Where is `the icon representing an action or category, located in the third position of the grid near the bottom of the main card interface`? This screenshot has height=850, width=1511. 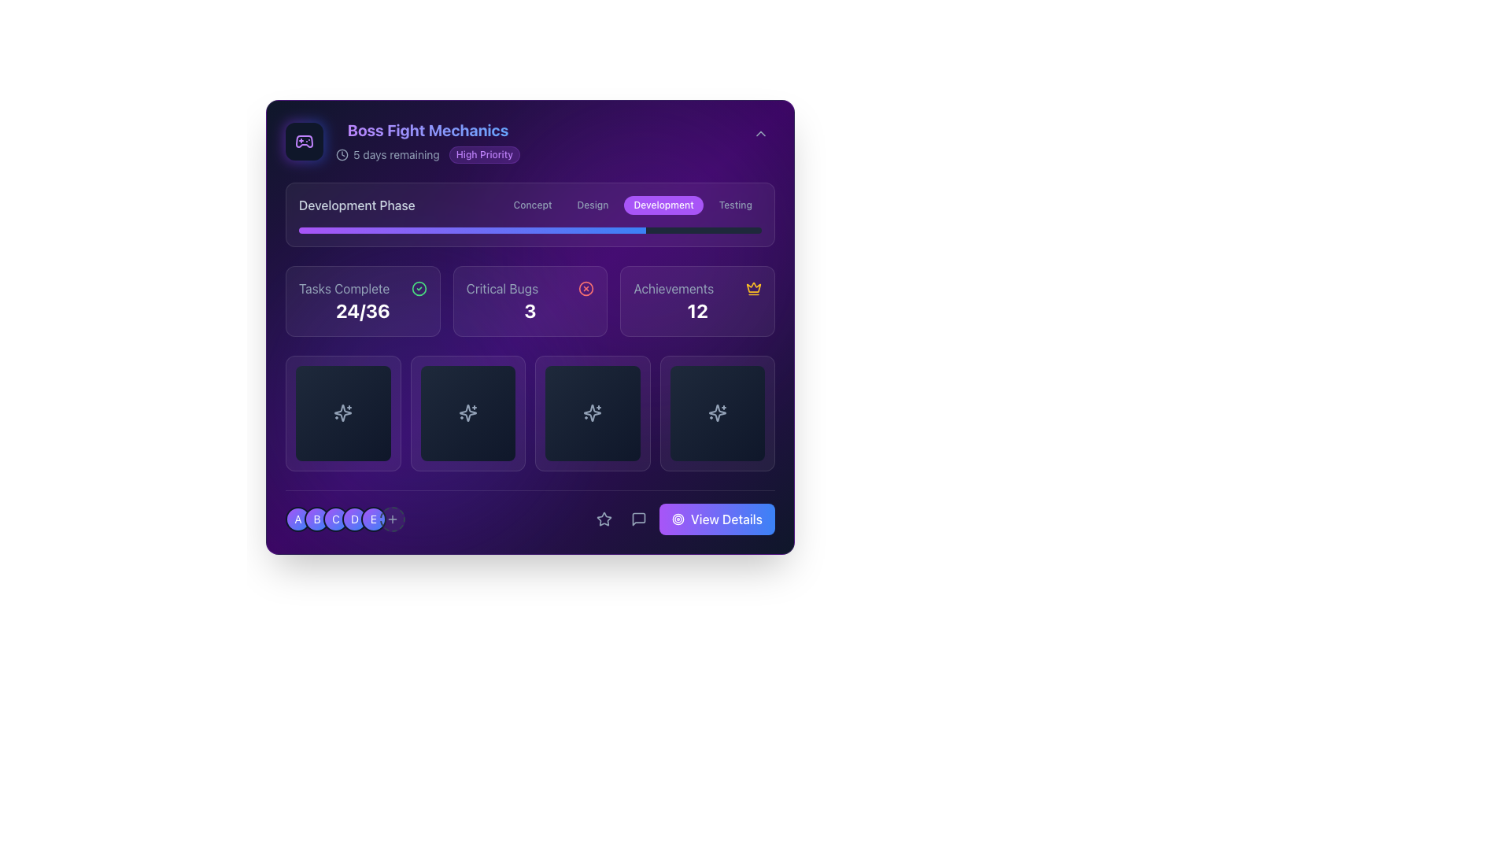 the icon representing an action or category, located in the third position of the grid near the bottom of the main card interface is located at coordinates (592, 412).